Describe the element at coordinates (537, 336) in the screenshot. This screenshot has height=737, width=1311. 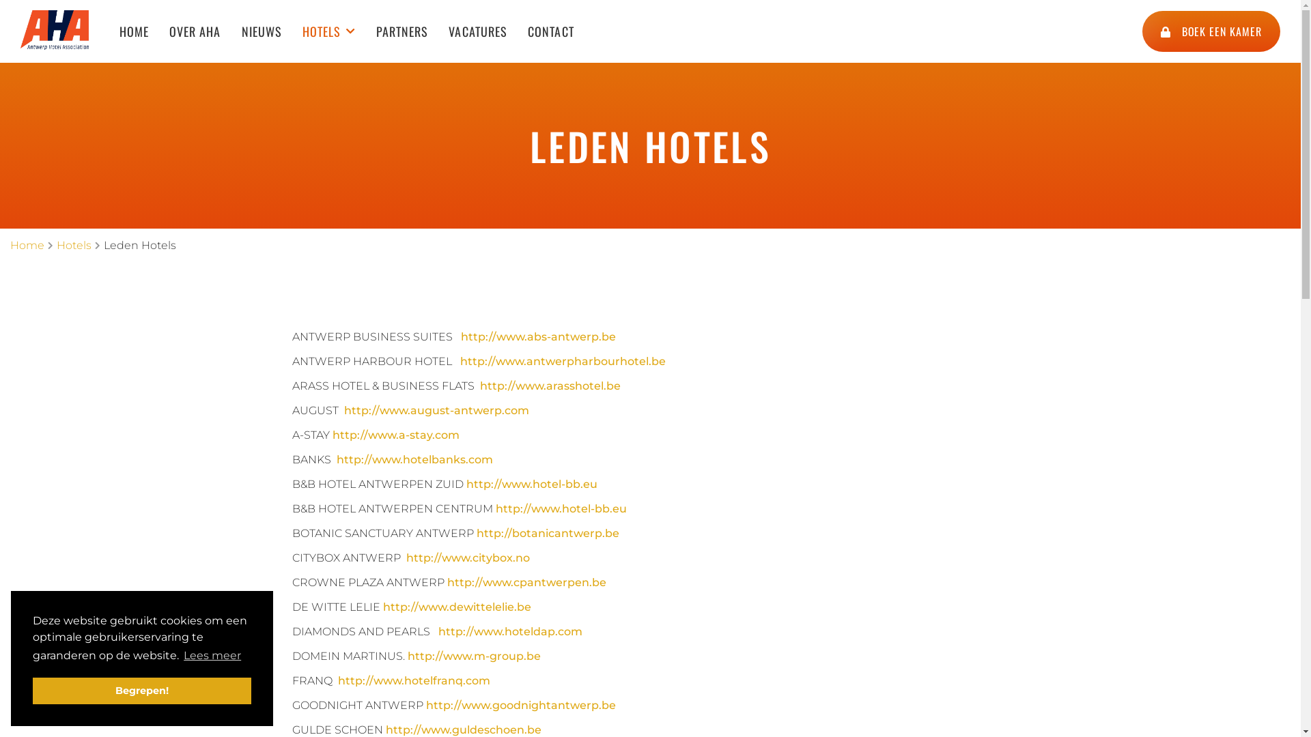
I see `'http://www.abs-antwerp.be'` at that location.